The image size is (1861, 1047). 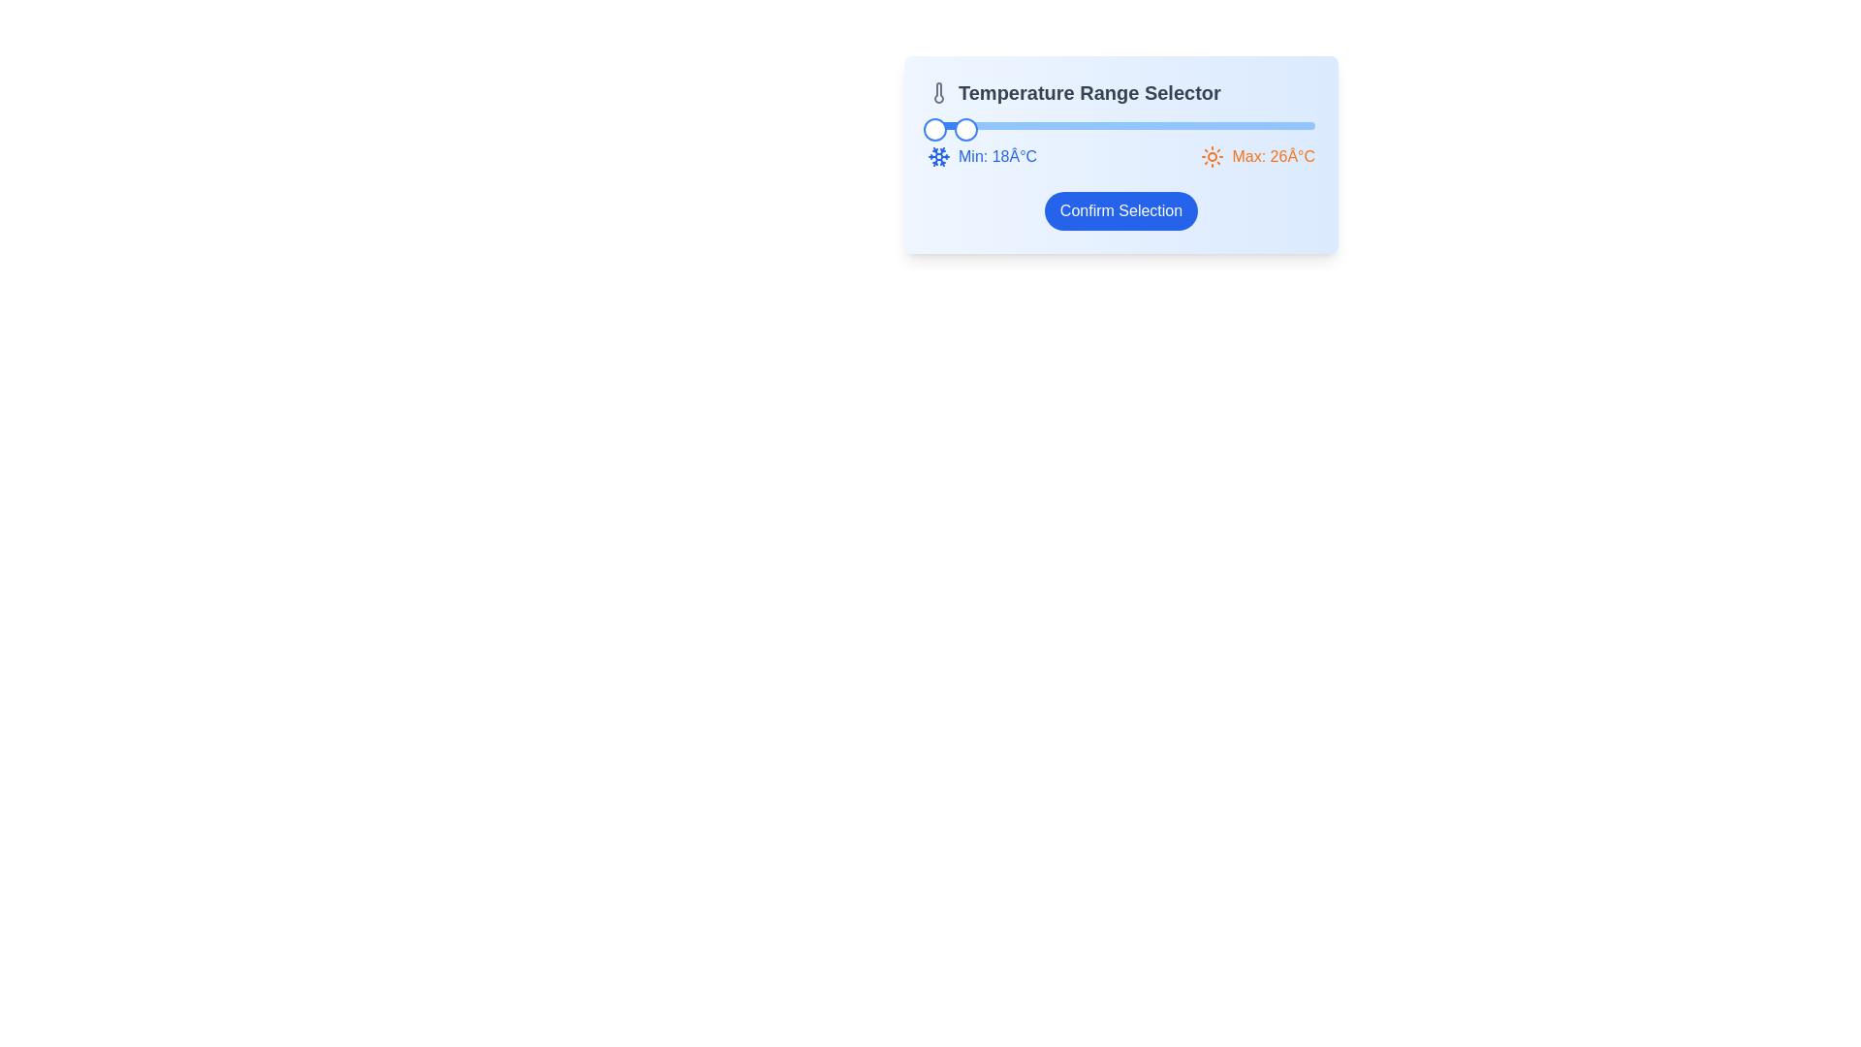 I want to click on the snowflake icon with a blue outline located to the left of the 'Min: 18°C' text in the temperature range selector interface, so click(x=939, y=156).